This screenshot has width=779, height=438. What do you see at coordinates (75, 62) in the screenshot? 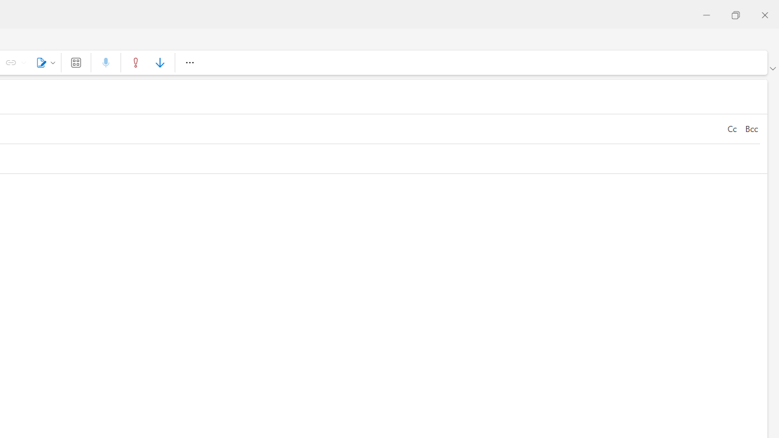
I see `'Apps'` at bounding box center [75, 62].